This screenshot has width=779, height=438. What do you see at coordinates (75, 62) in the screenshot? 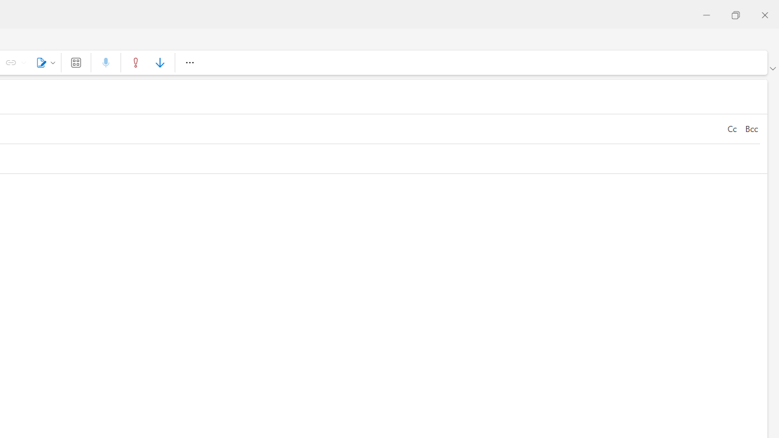
I see `'Apps'` at bounding box center [75, 62].